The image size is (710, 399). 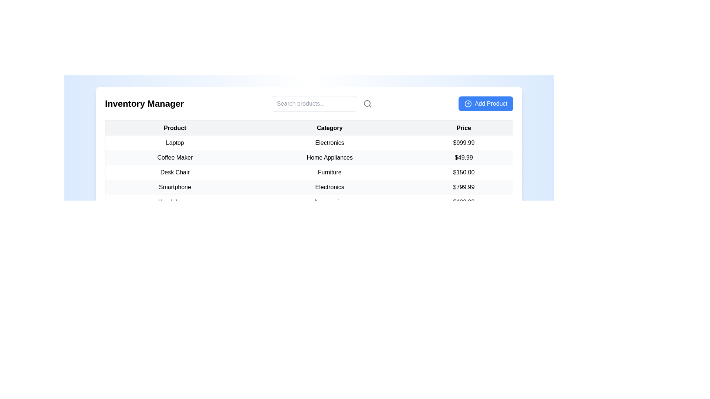 What do you see at coordinates (175, 172) in the screenshot?
I see `the 'Desk Chair' text label in the third row of the table under the 'Product' header` at bounding box center [175, 172].